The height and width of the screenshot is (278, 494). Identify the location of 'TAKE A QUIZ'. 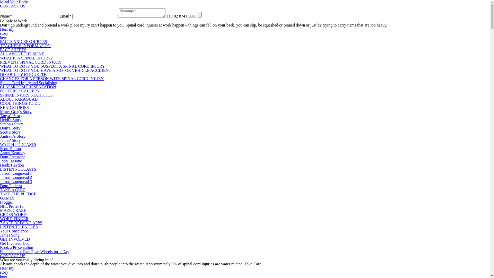
(12, 190).